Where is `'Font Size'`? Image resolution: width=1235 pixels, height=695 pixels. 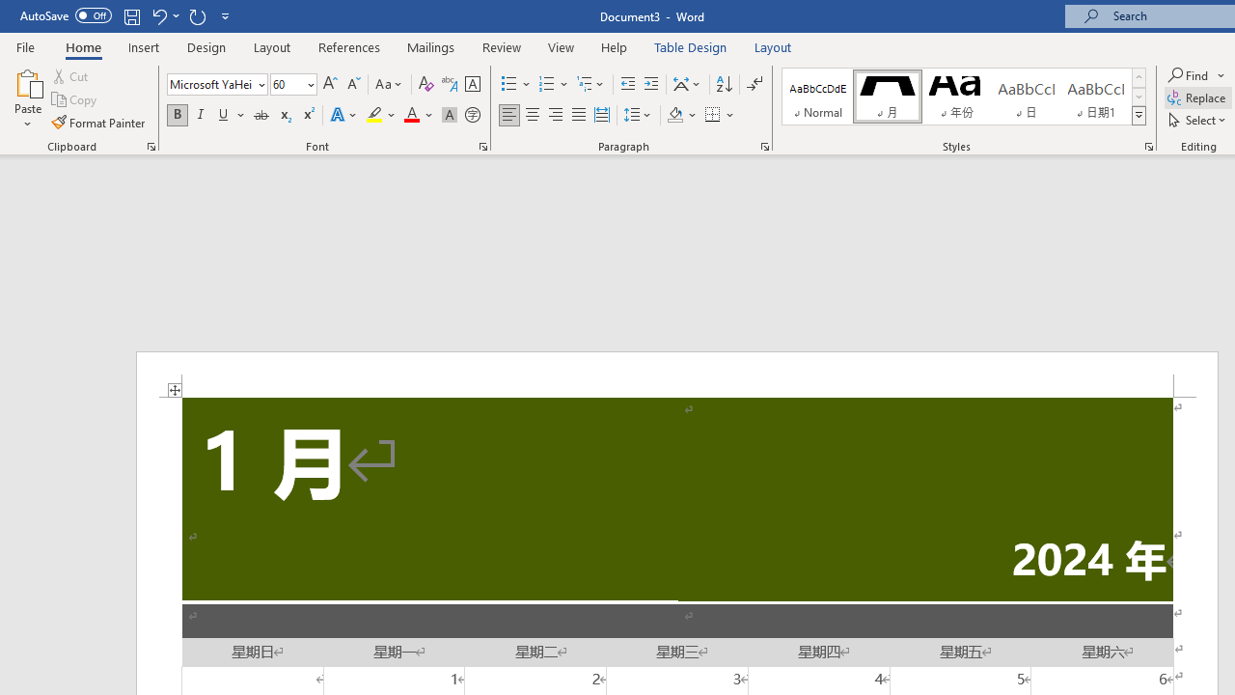
'Font Size' is located at coordinates (287, 83).